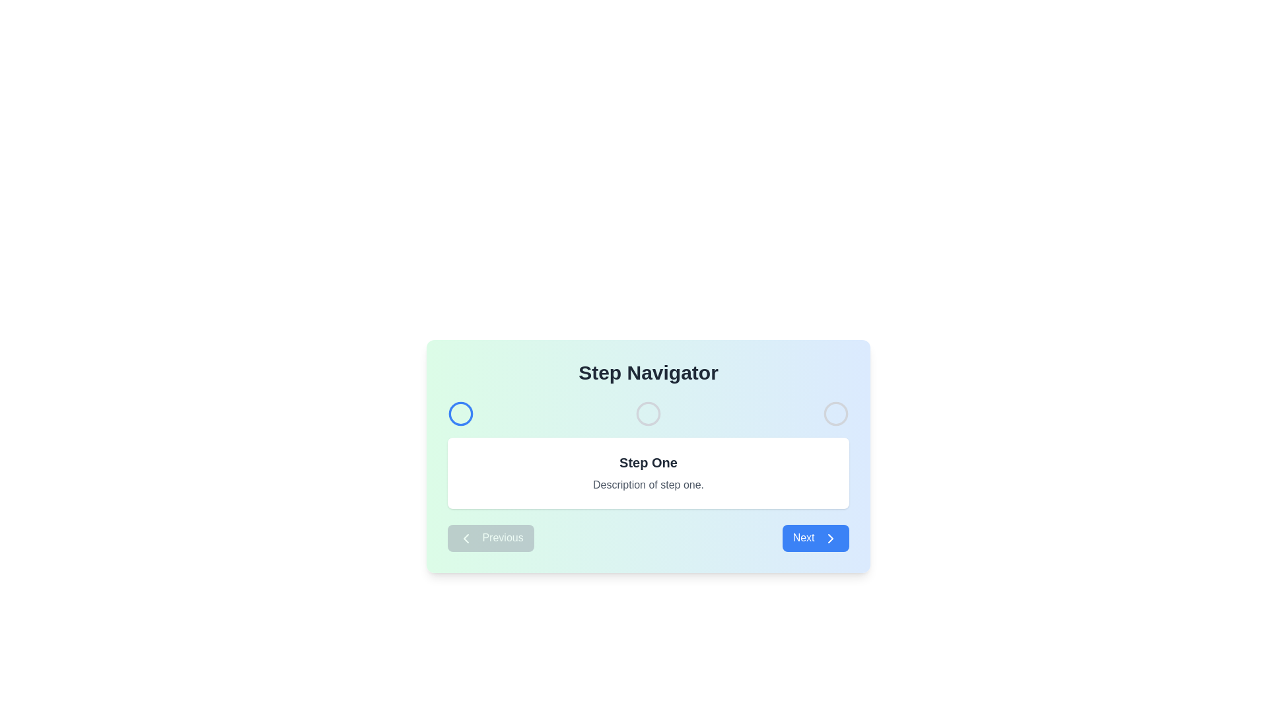 This screenshot has width=1268, height=713. What do you see at coordinates (835, 413) in the screenshot?
I see `the third step indicator in the Step Navigator` at bounding box center [835, 413].